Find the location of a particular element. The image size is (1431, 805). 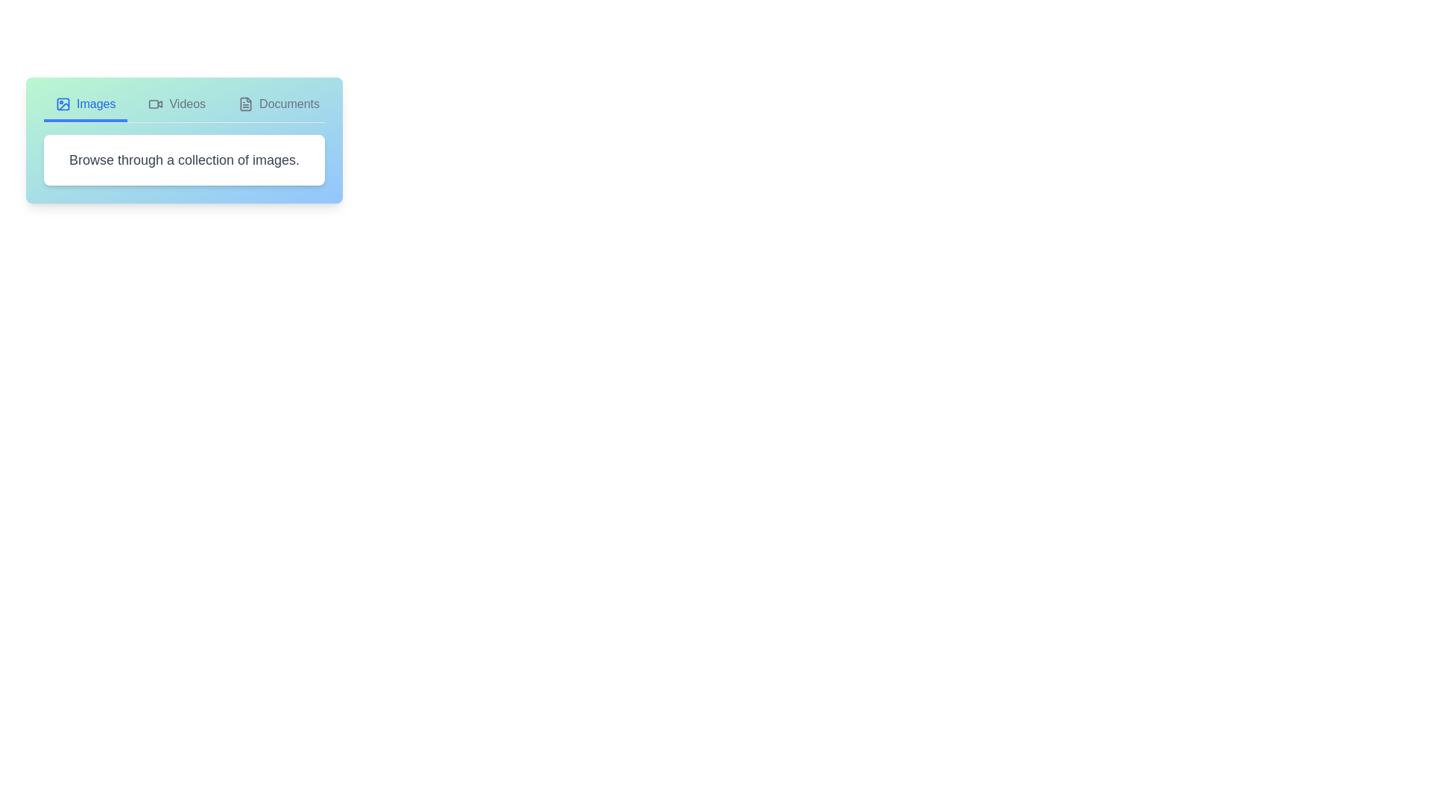

the Images tab to switch to the corresponding view is located at coordinates (85, 108).